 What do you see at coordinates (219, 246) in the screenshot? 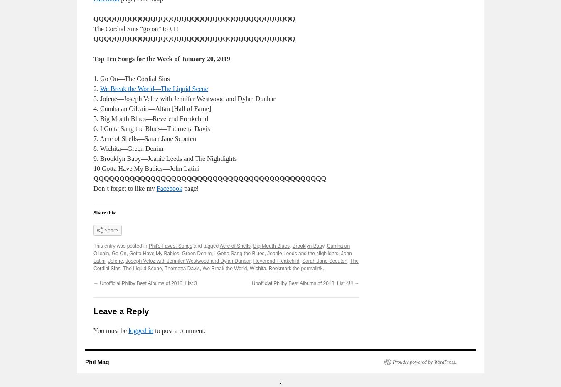
I see `'Acre of Shells'` at bounding box center [219, 246].